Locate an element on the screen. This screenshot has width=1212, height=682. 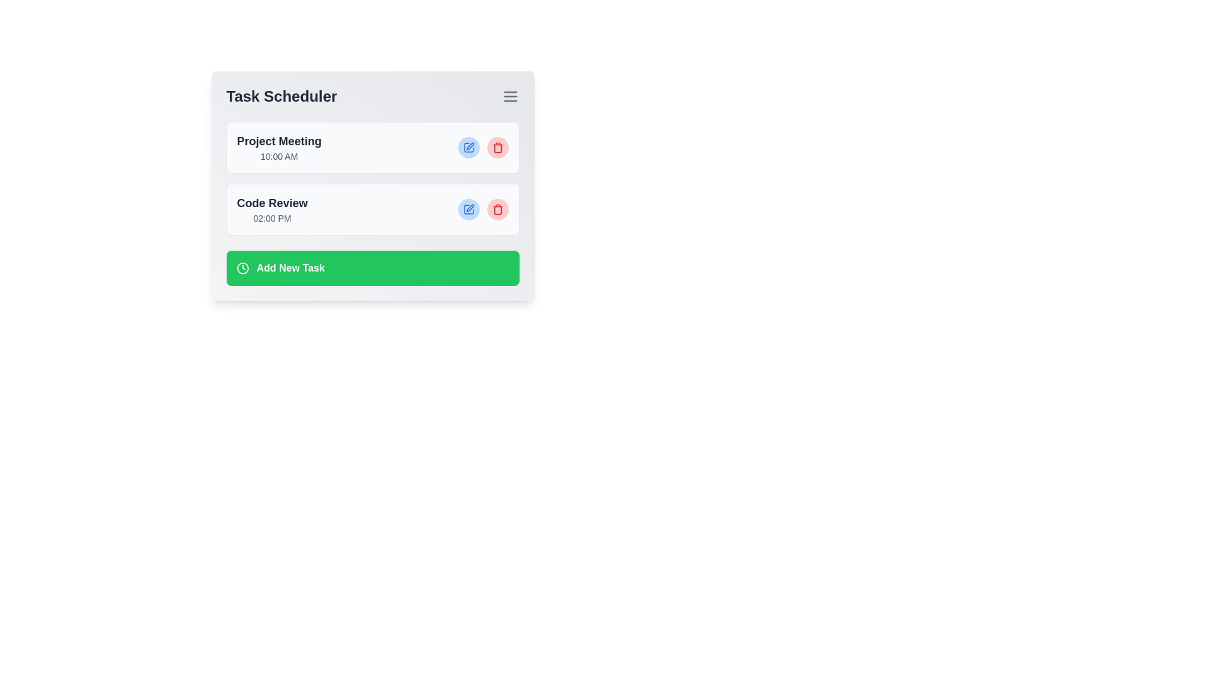
the static text label displaying 'Code Review', which is styled prominently in bold and dark gray font, located above '02:00 PM' in the second task block of the 'Task Scheduler' section is located at coordinates (271, 202).